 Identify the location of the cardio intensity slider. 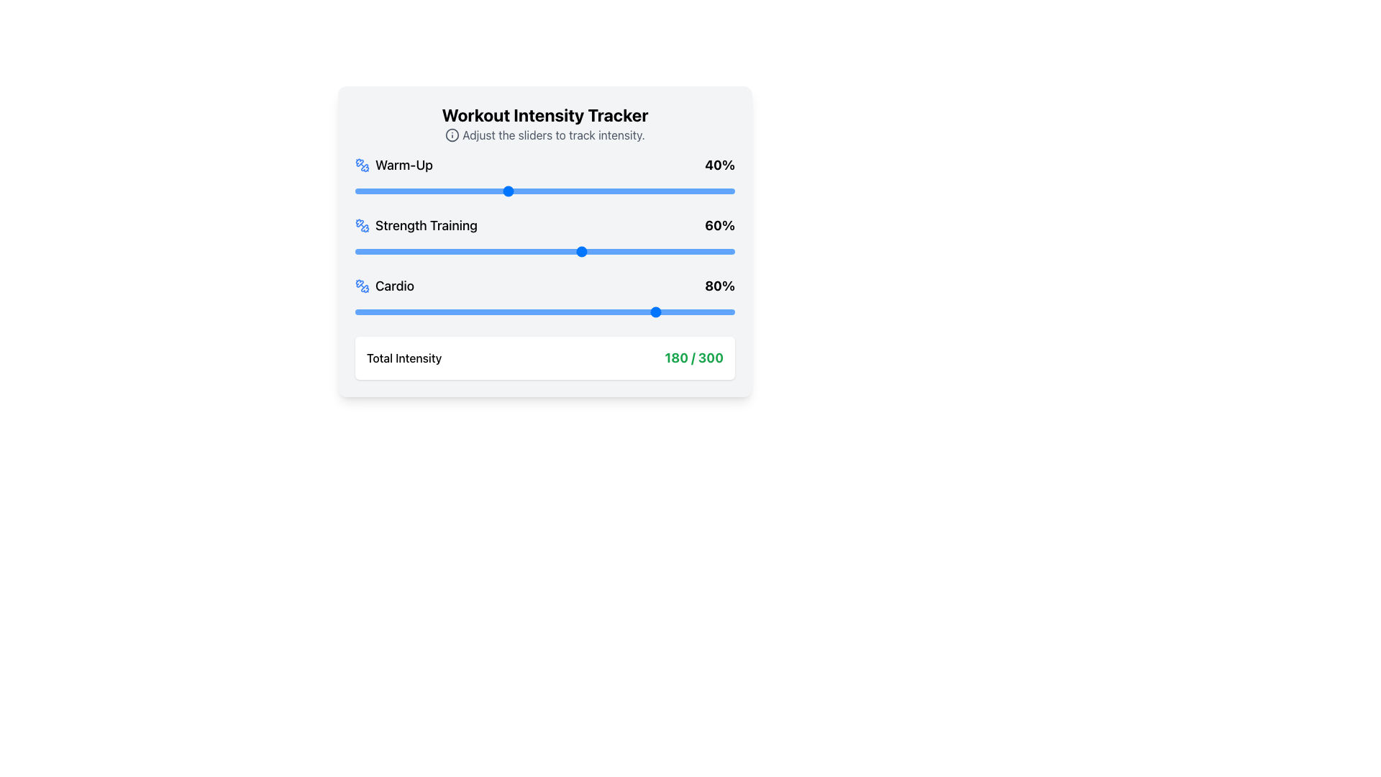
(507, 312).